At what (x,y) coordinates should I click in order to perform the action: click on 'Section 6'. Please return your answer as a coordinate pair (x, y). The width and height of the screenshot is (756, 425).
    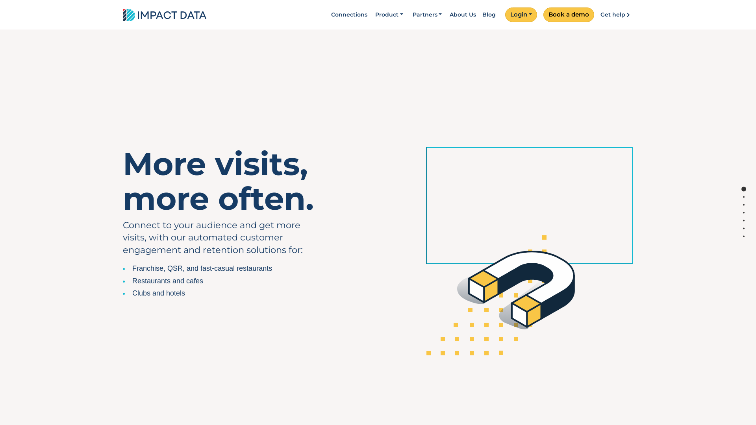
    Looking at the image, I should click on (743, 228).